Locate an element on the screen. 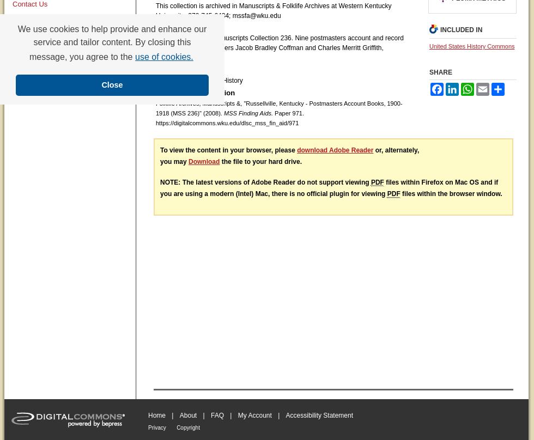  'or, alternately,' is located at coordinates (396, 149).